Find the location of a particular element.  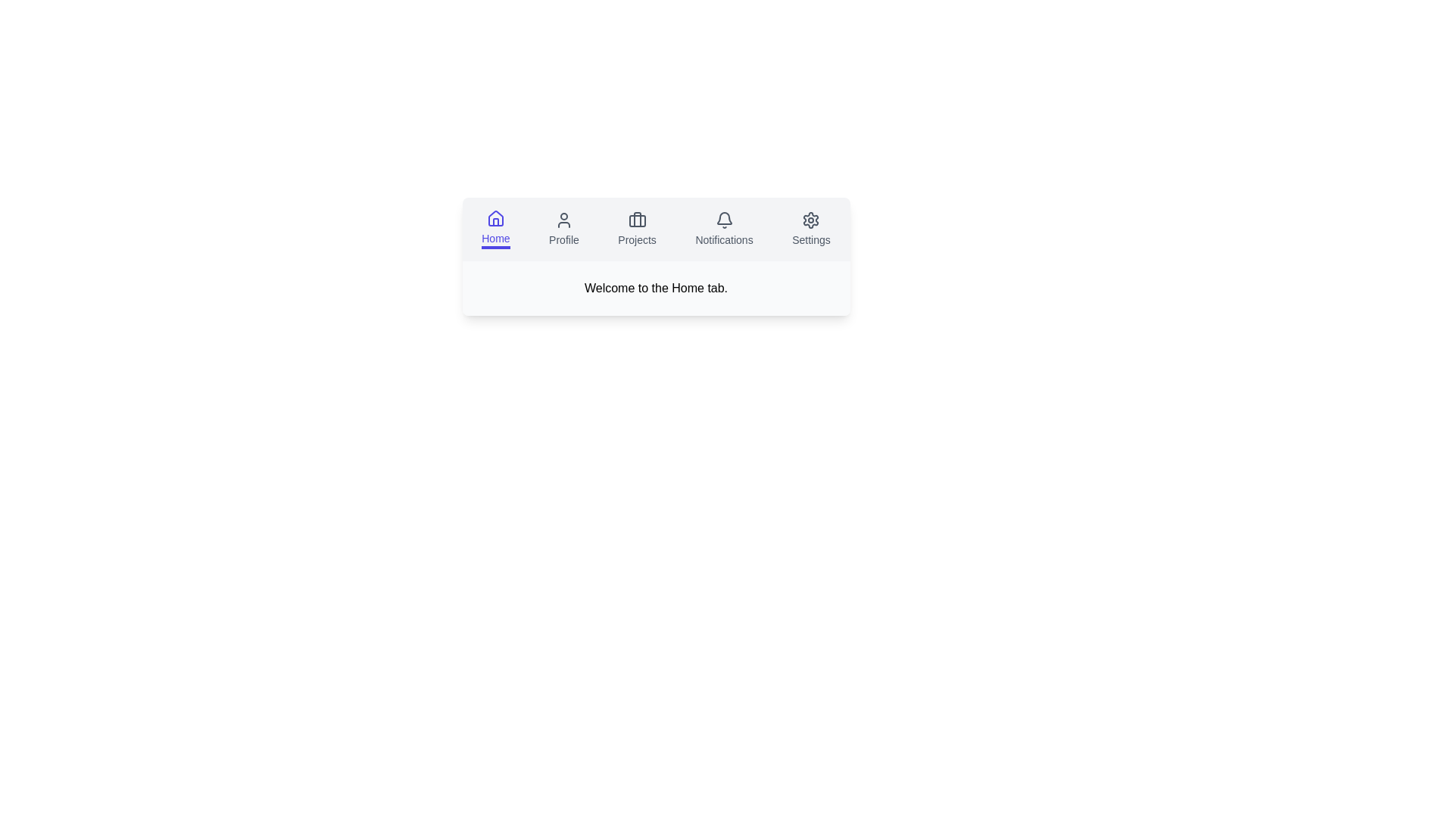

the small, line-drawn house-shaped icon in the top navigation bar is located at coordinates (495, 219).